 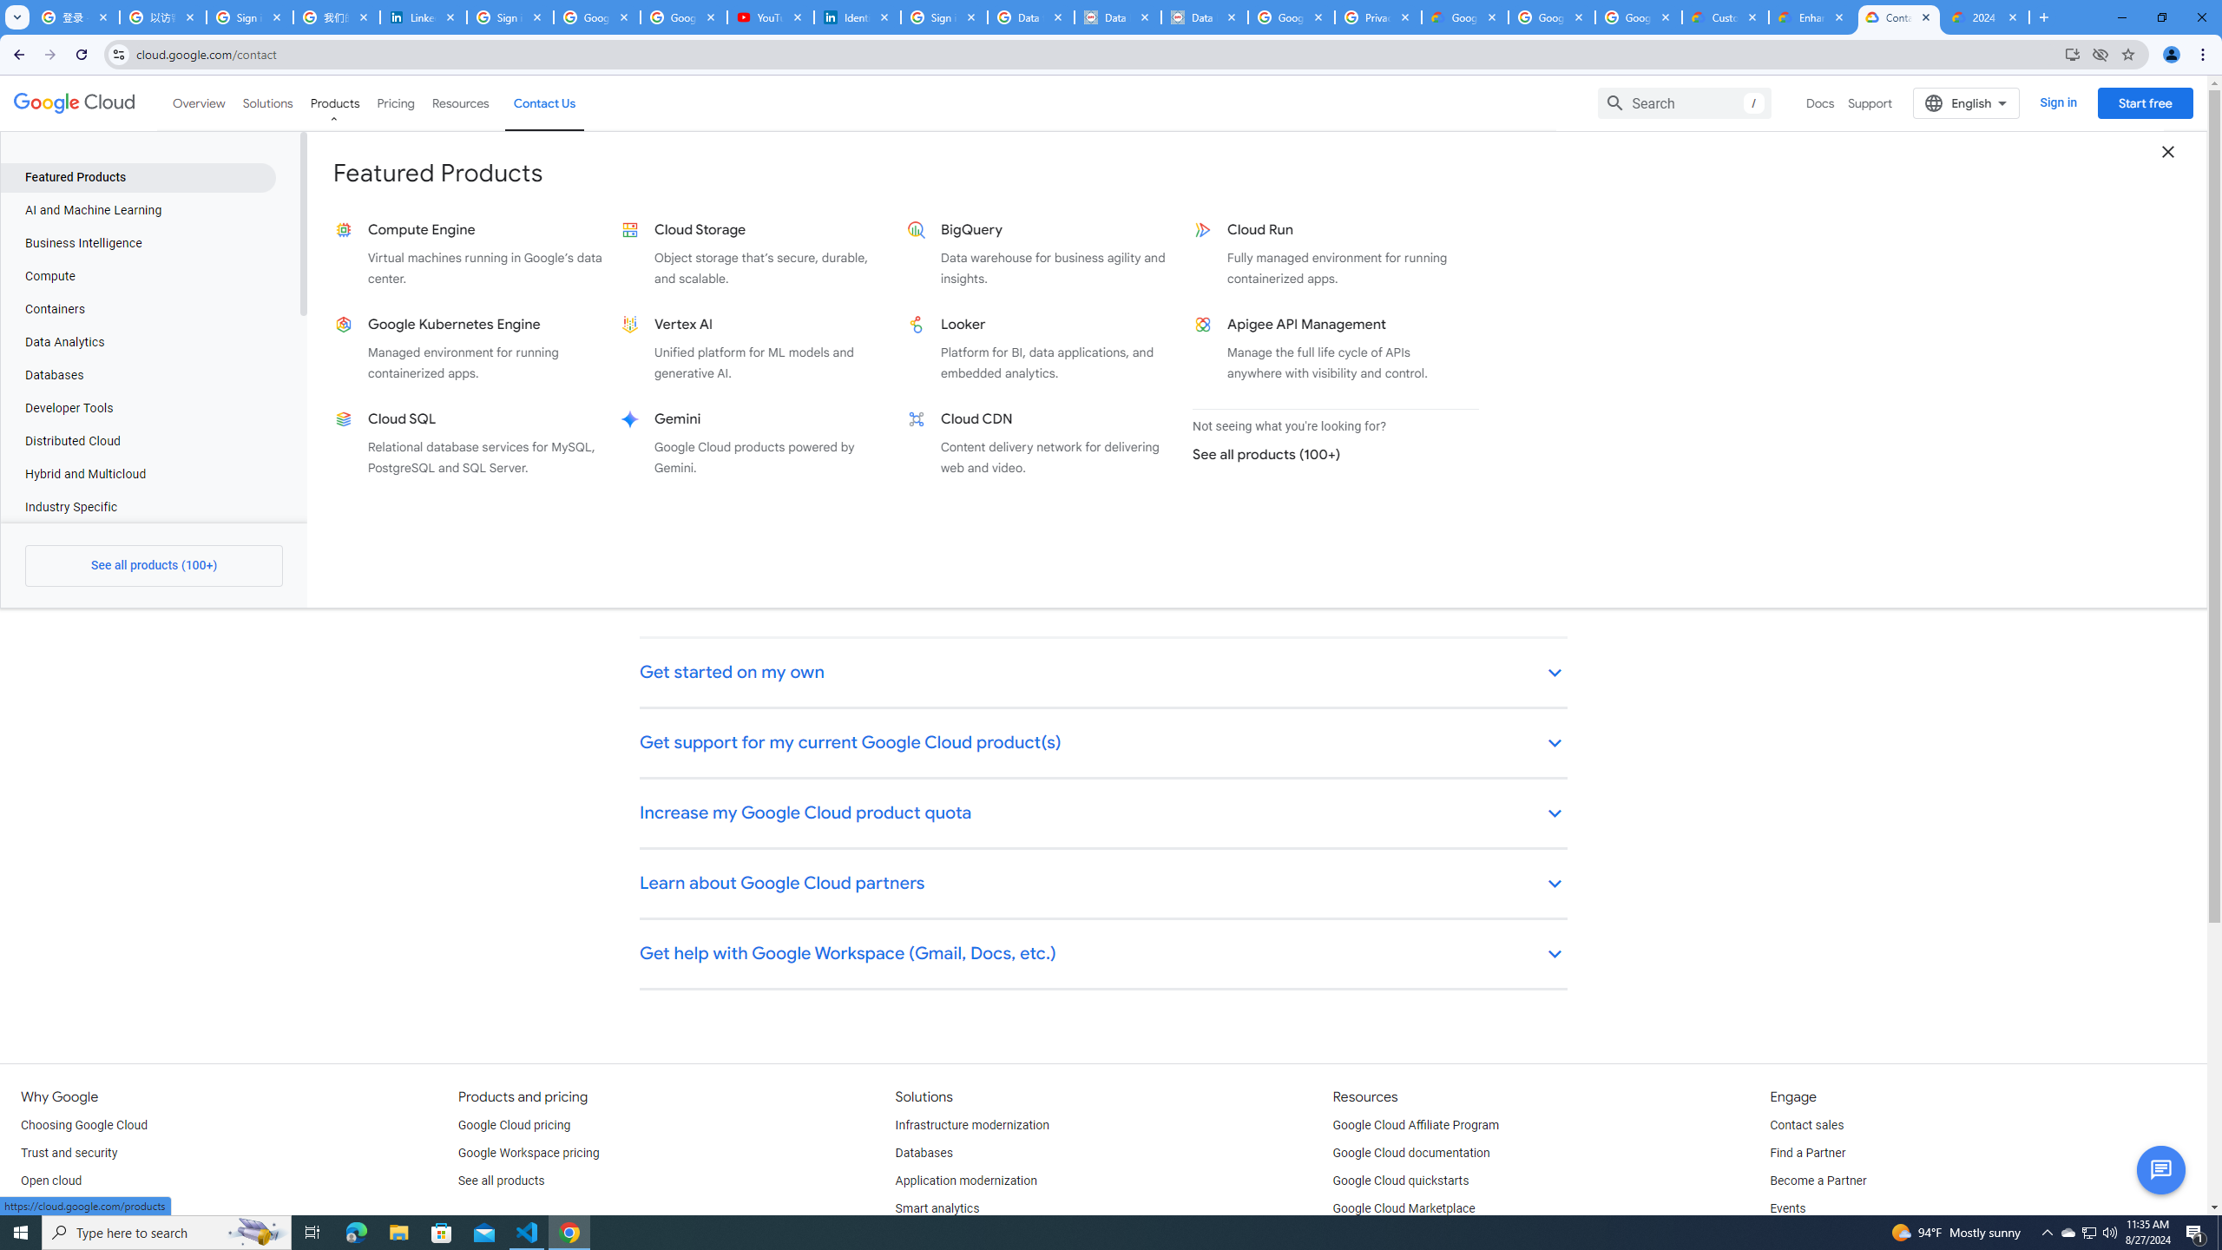 What do you see at coordinates (1805, 1126) in the screenshot?
I see `'Contact sales'` at bounding box center [1805, 1126].